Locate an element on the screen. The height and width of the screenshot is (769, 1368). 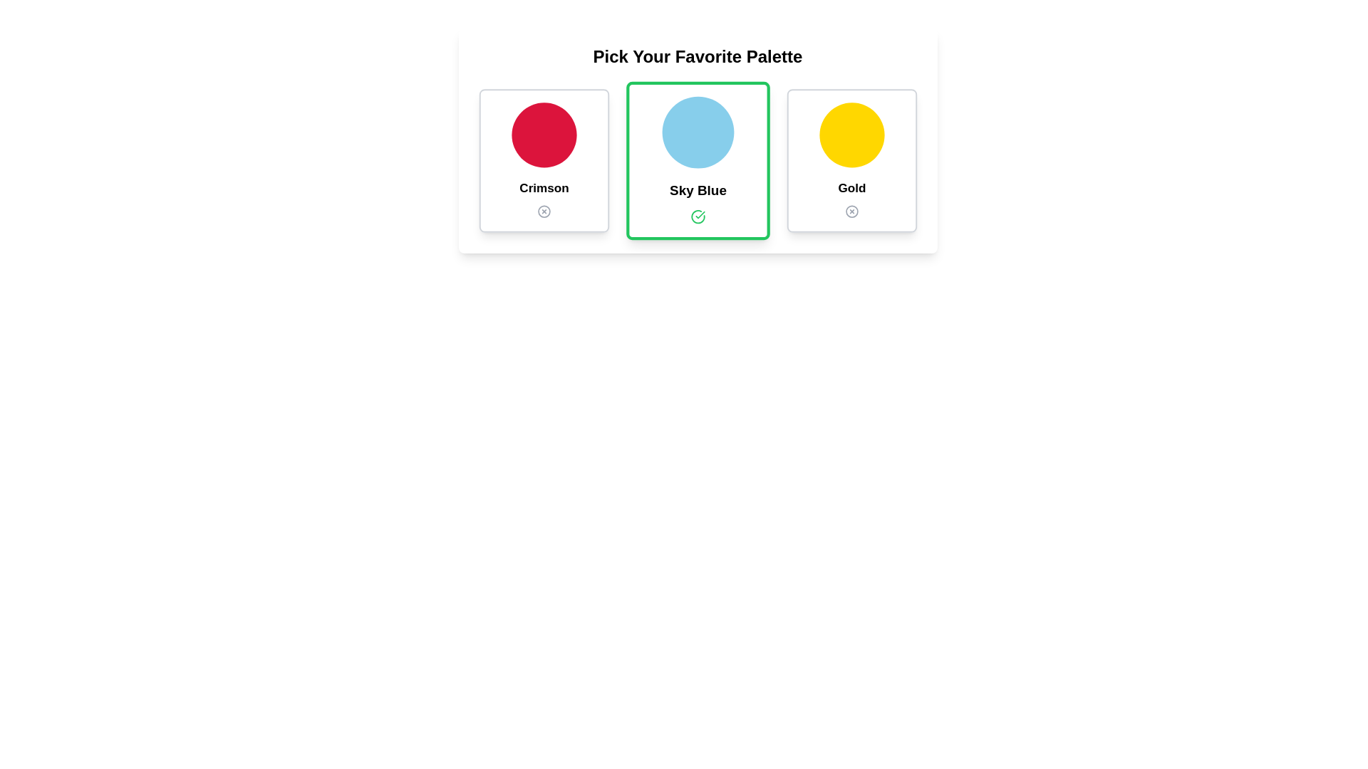
the palette Gold is located at coordinates (851, 160).